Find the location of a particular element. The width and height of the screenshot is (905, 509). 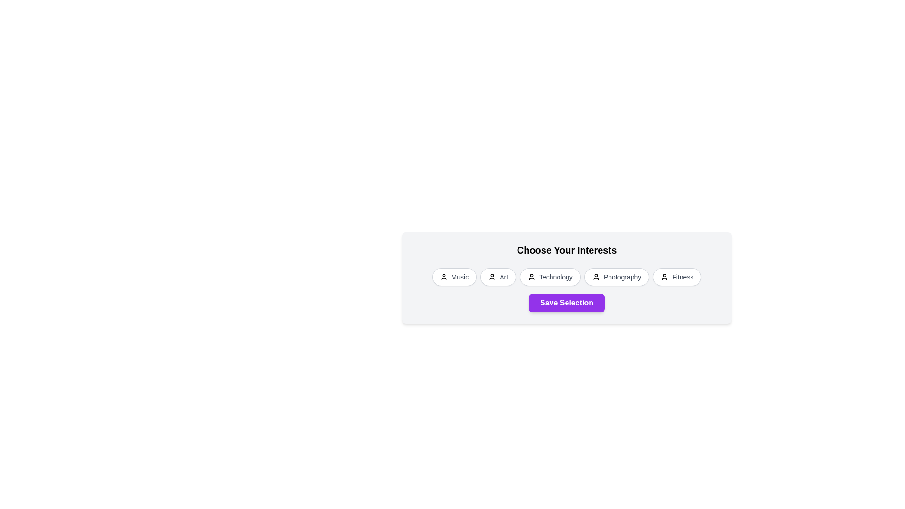

the interest chip labeled 'Music' is located at coordinates (454, 276).